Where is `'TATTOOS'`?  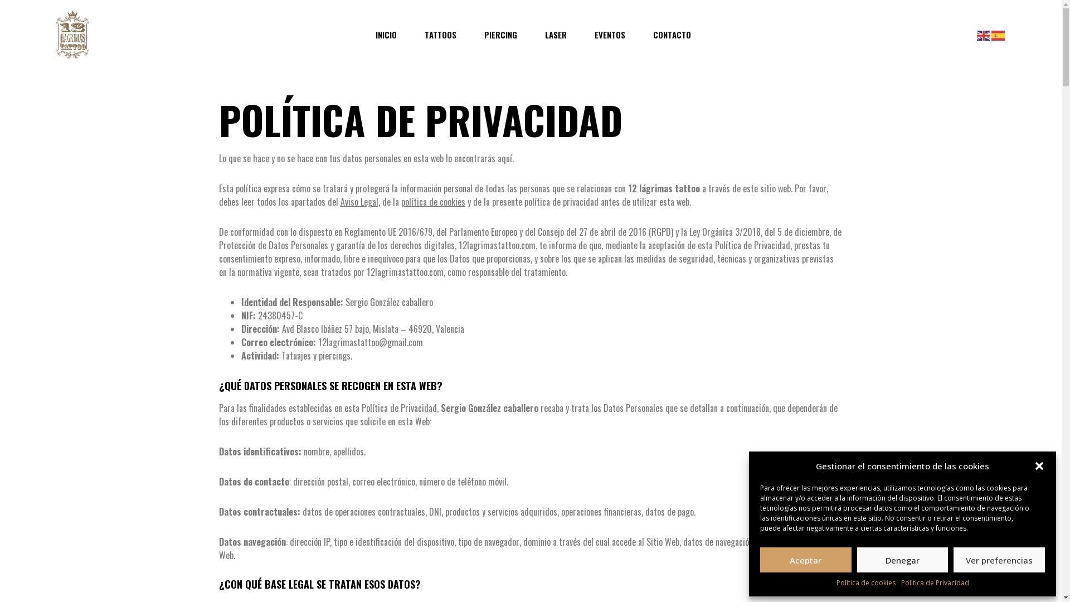 'TATTOOS' is located at coordinates (440, 33).